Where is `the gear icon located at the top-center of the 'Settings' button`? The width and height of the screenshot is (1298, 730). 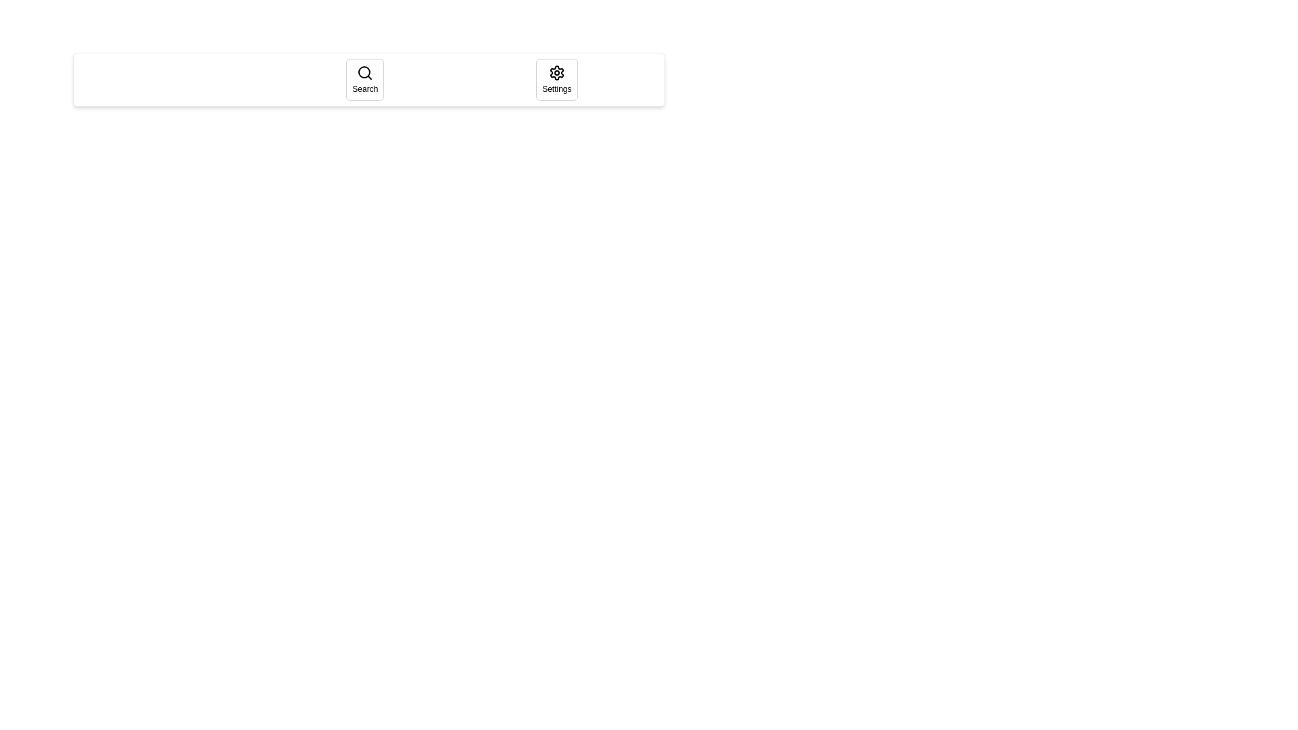
the gear icon located at the top-center of the 'Settings' button is located at coordinates (556, 73).